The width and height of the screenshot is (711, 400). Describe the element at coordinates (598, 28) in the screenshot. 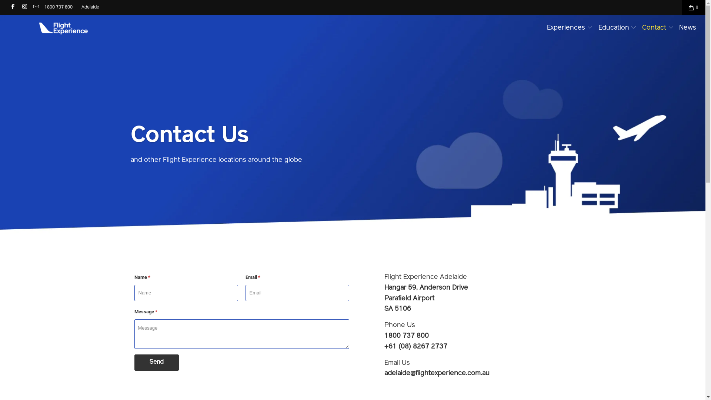

I see `'Education'` at that location.